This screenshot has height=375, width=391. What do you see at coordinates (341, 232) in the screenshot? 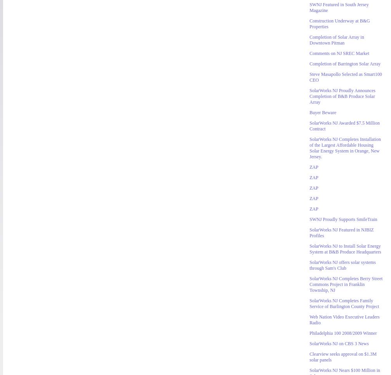
I see `'SolarWorks NJ Featured in NJBIZ Profiles'` at bounding box center [341, 232].